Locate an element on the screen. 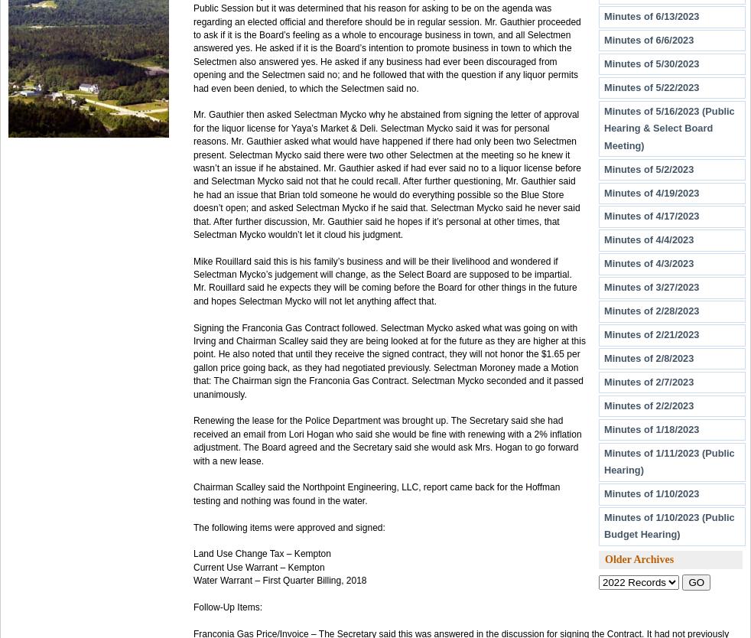  'Minutes of 5/30/2023' is located at coordinates (651, 62).